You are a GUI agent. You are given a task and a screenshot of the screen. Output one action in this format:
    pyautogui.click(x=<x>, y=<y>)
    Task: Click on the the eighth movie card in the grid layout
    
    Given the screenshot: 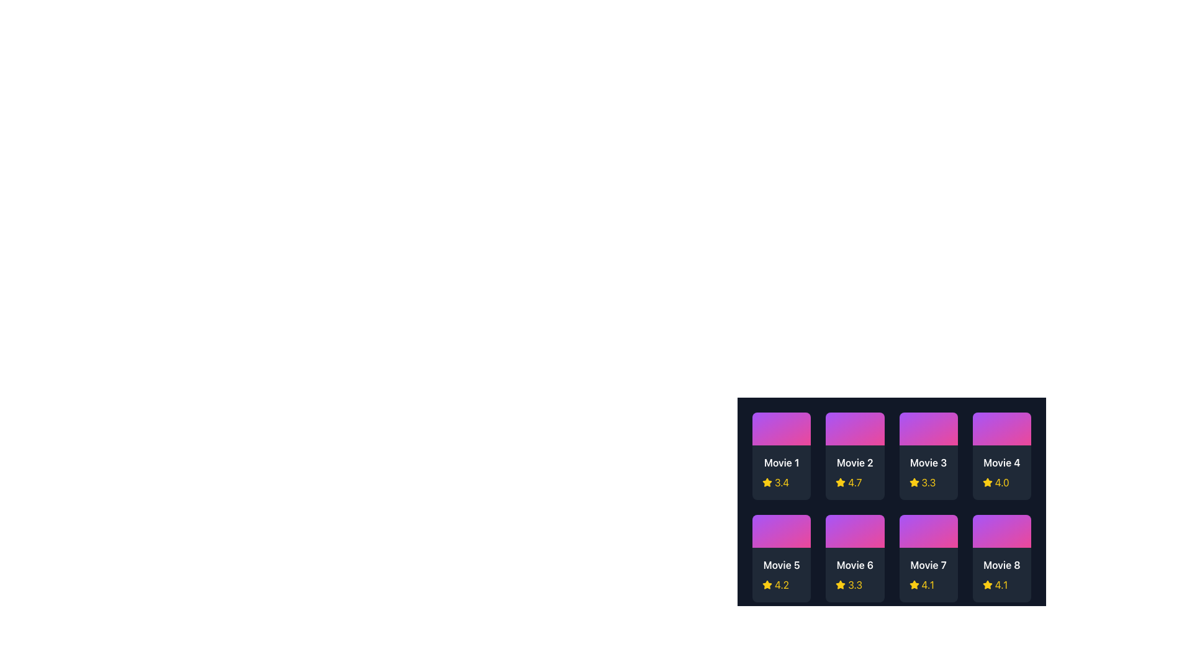 What is the action you would take?
    pyautogui.click(x=1001, y=575)
    